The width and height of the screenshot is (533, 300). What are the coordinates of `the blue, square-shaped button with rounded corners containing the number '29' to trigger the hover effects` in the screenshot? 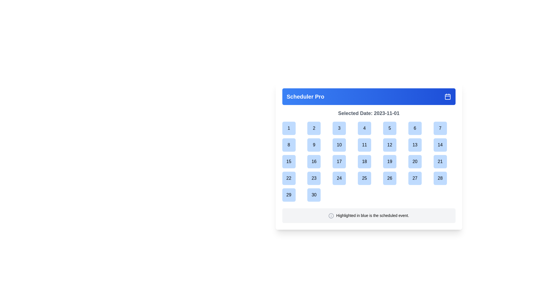 It's located at (289, 195).